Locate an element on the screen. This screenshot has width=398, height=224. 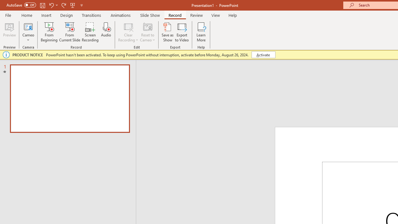
'Activate' is located at coordinates (263, 54).